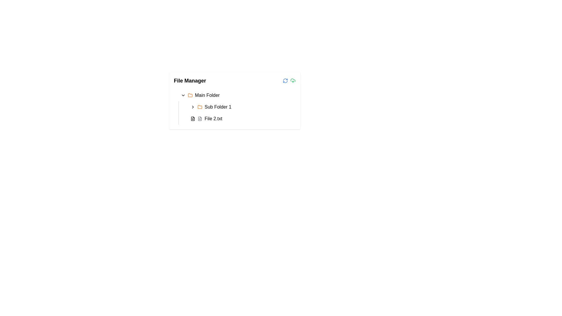  Describe the element at coordinates (193, 107) in the screenshot. I see `the interactive indicator icon` at that location.